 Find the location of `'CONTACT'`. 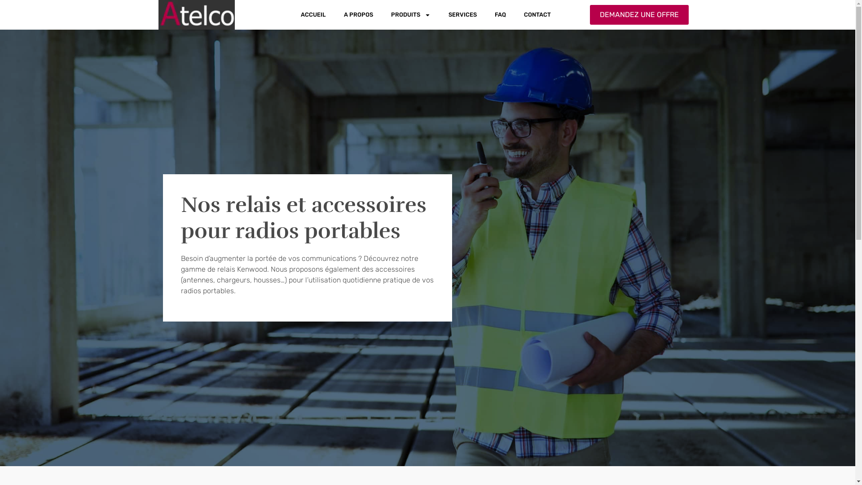

'CONTACT' is located at coordinates (537, 15).